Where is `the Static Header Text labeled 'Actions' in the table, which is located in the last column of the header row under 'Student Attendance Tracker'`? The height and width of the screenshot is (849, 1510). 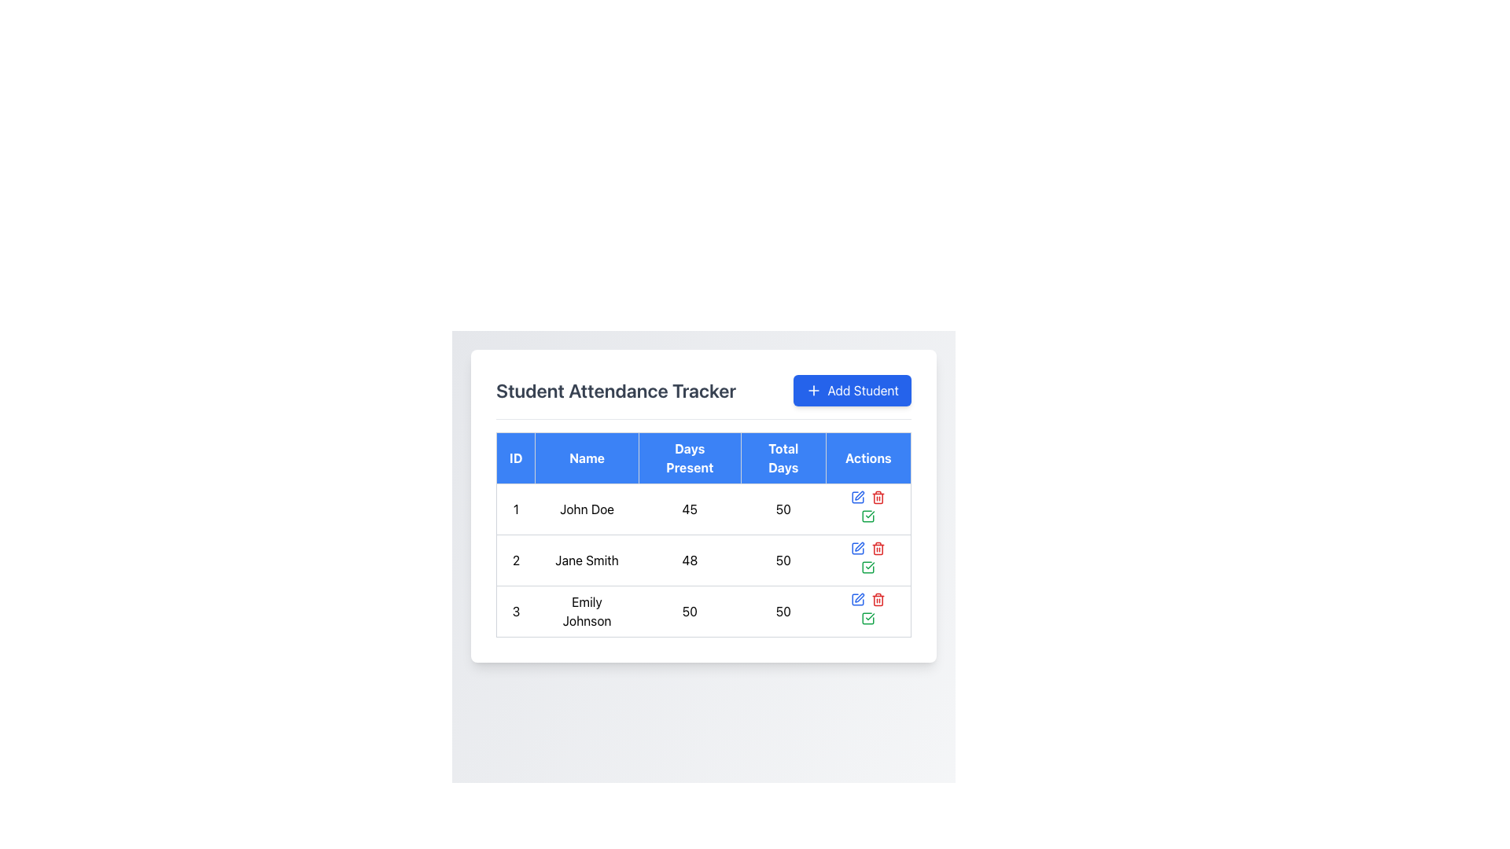
the Static Header Text labeled 'Actions' in the table, which is located in the last column of the header row under 'Student Attendance Tracker' is located at coordinates (867, 458).